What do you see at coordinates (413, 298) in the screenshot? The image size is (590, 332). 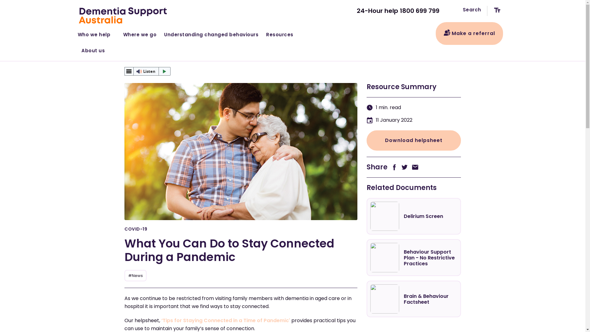 I see `'Brain & Behaviour Factsheet'` at bounding box center [413, 298].